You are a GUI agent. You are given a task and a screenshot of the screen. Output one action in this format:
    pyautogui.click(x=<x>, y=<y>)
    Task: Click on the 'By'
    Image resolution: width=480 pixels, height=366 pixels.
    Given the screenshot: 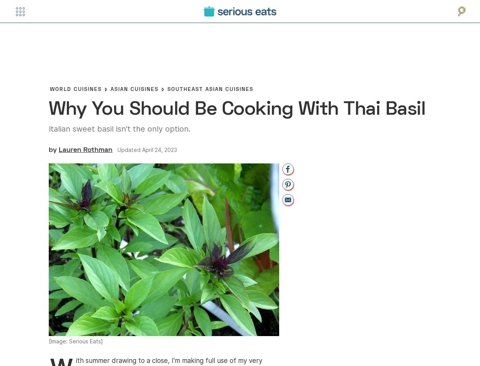 What is the action you would take?
    pyautogui.click(x=53, y=150)
    